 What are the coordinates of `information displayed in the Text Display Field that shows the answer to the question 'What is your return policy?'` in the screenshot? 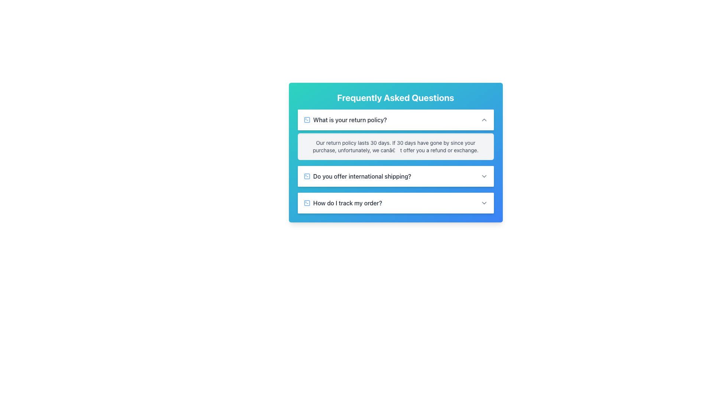 It's located at (395, 161).